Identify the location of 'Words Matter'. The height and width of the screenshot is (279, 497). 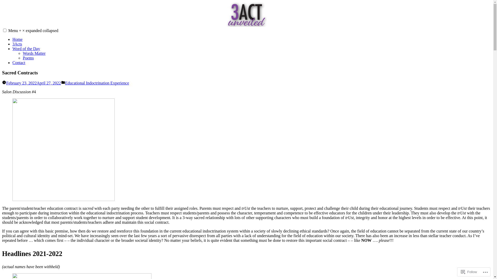
(34, 53).